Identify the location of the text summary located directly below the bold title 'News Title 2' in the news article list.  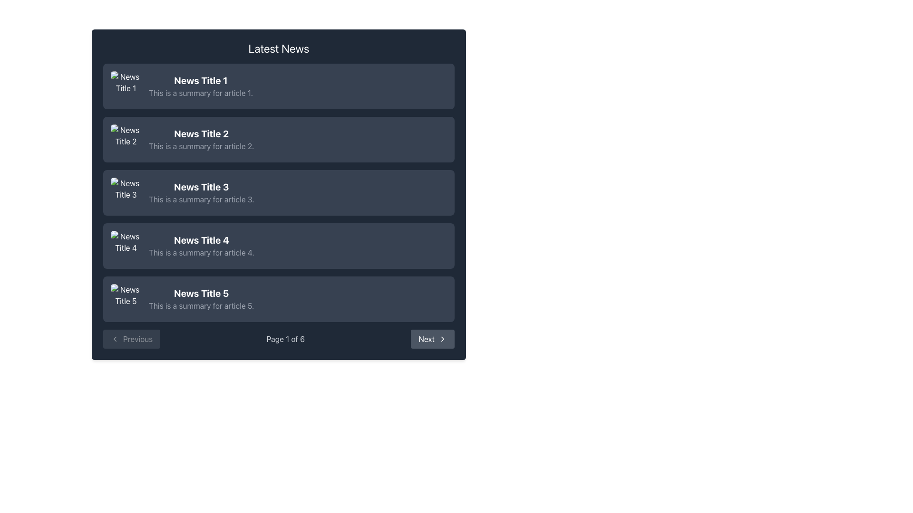
(201, 146).